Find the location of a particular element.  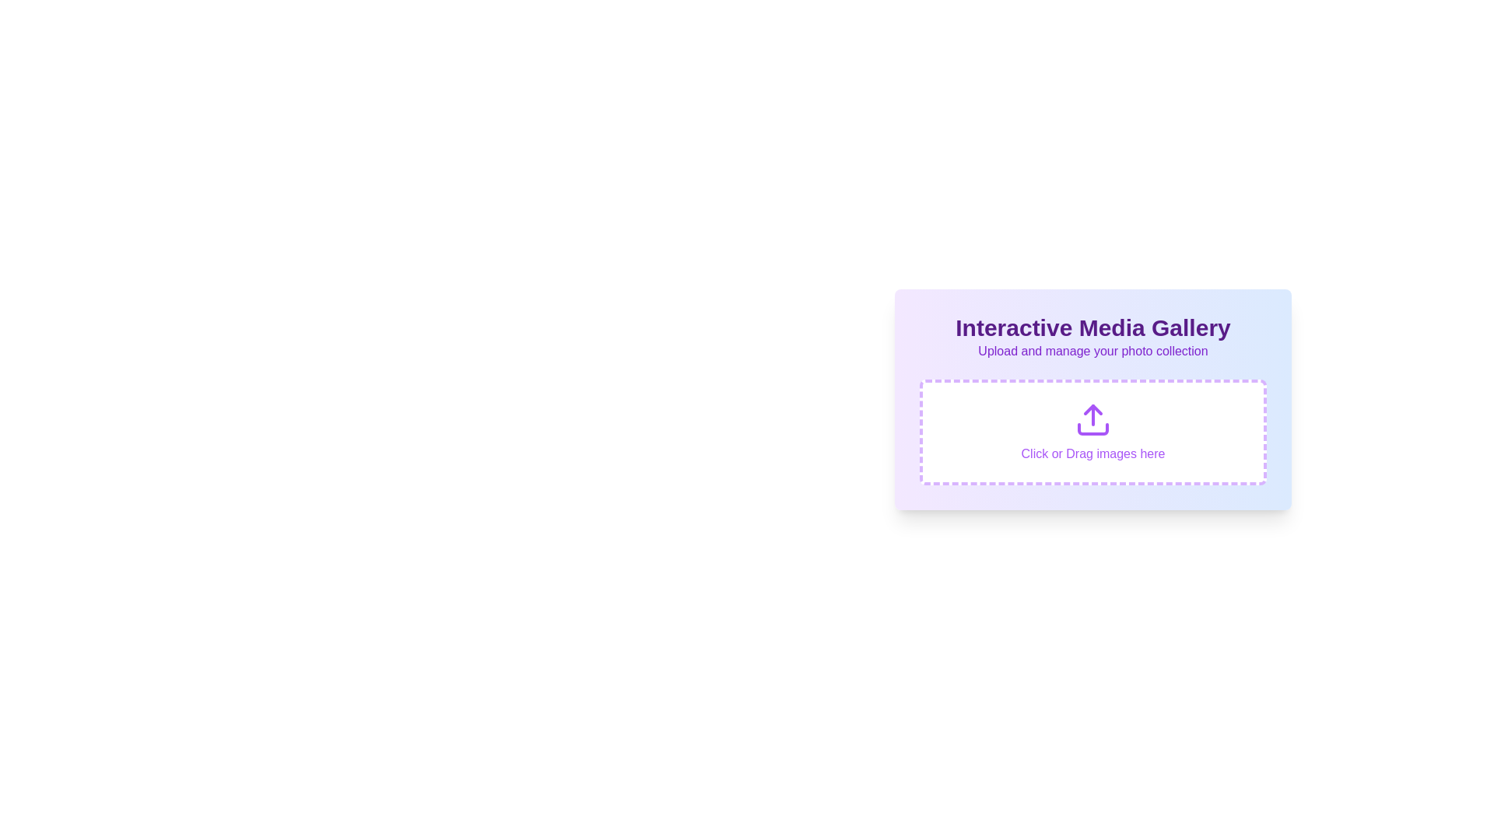

the header text component located at the upper part of a rectangular card, which serves as the title for the card is located at coordinates (1092, 327).